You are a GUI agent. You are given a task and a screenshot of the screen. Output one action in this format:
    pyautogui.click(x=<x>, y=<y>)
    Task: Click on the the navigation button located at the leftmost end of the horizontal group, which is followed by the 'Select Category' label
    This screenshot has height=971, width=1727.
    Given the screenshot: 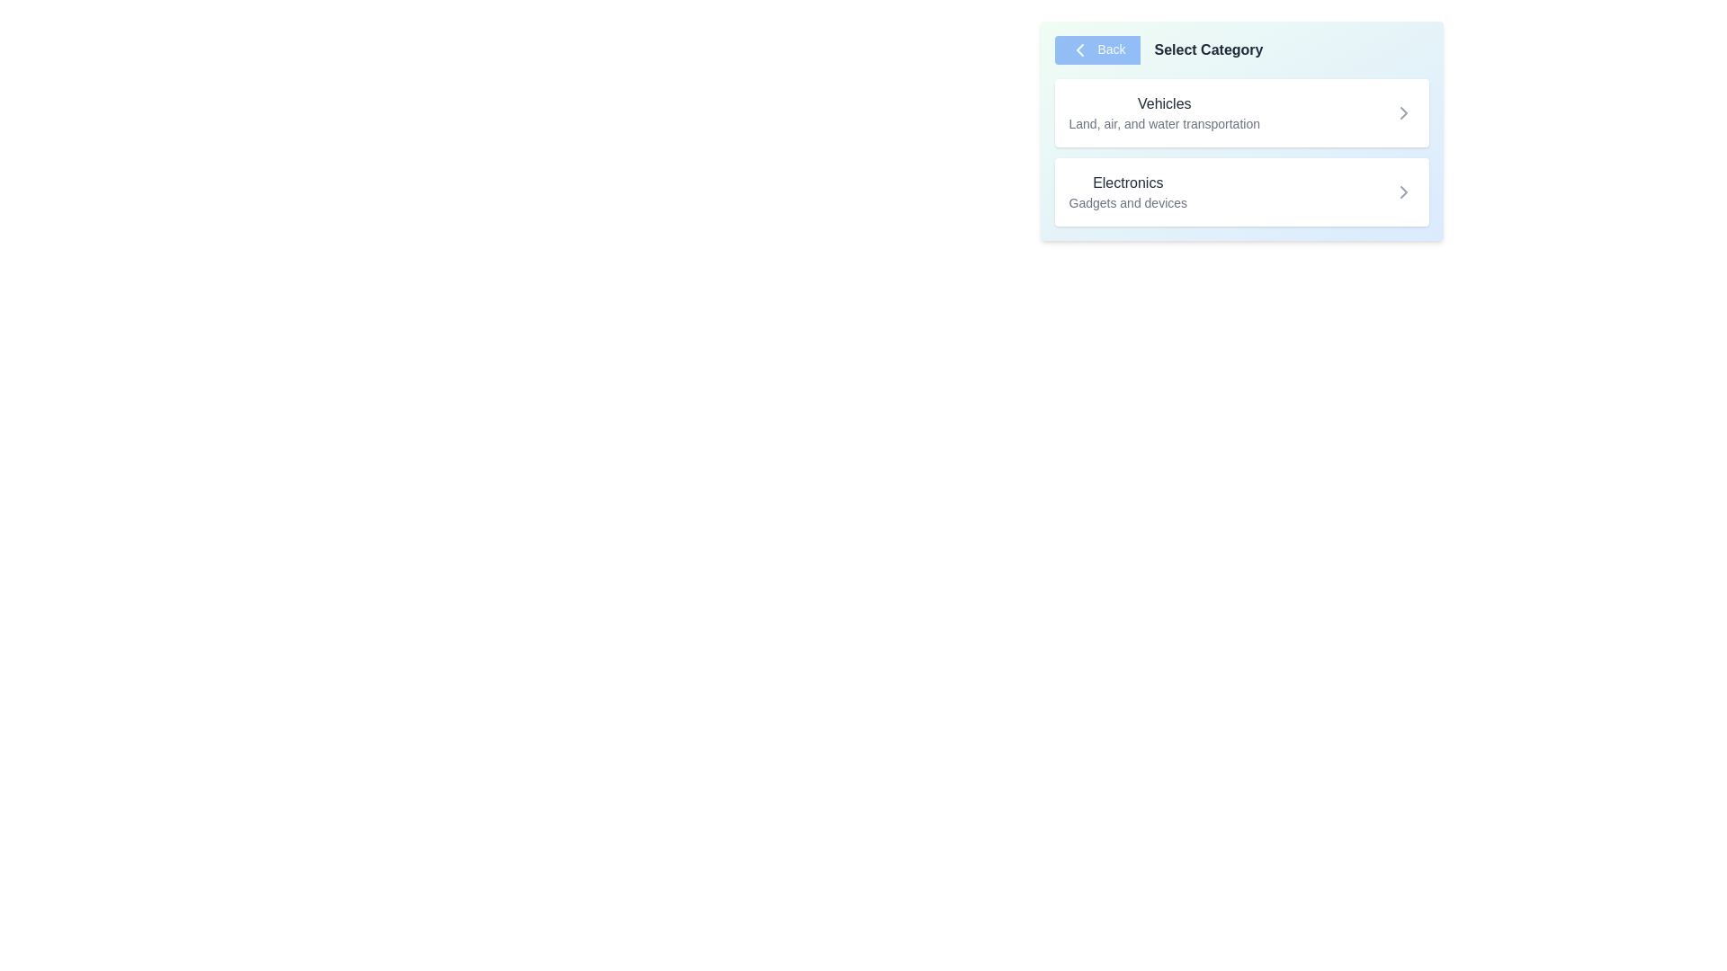 What is the action you would take?
    pyautogui.click(x=1096, y=49)
    